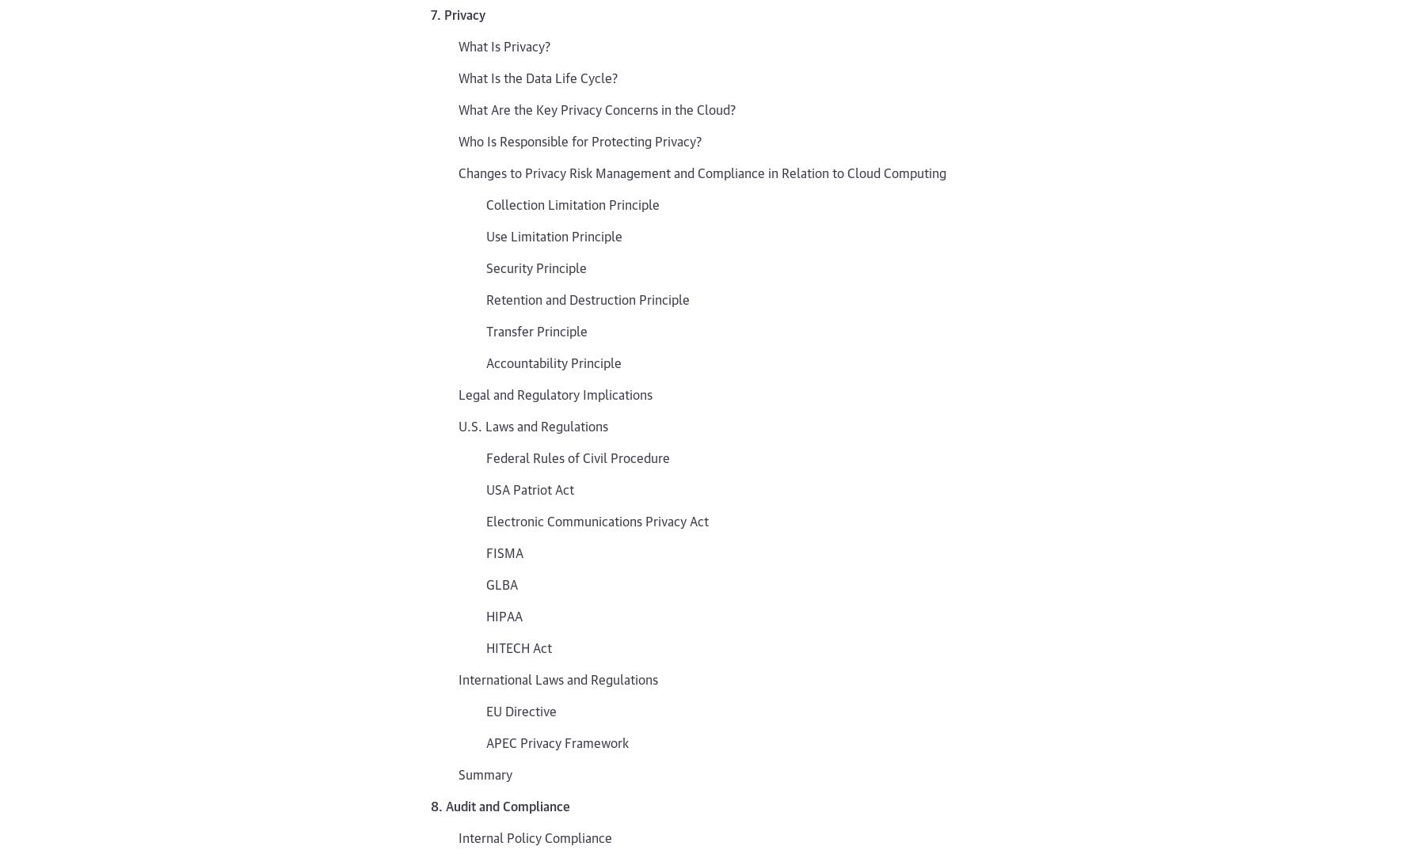  Describe the element at coordinates (577, 456) in the screenshot. I see `'Federal Rules of Civil Procedure'` at that location.